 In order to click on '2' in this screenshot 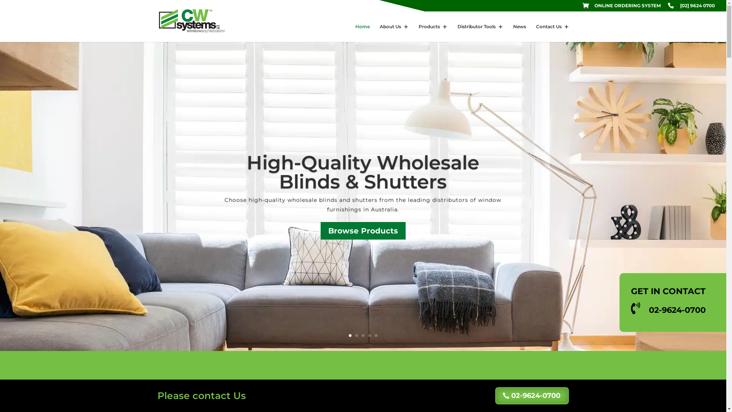, I will do `click(356, 335)`.